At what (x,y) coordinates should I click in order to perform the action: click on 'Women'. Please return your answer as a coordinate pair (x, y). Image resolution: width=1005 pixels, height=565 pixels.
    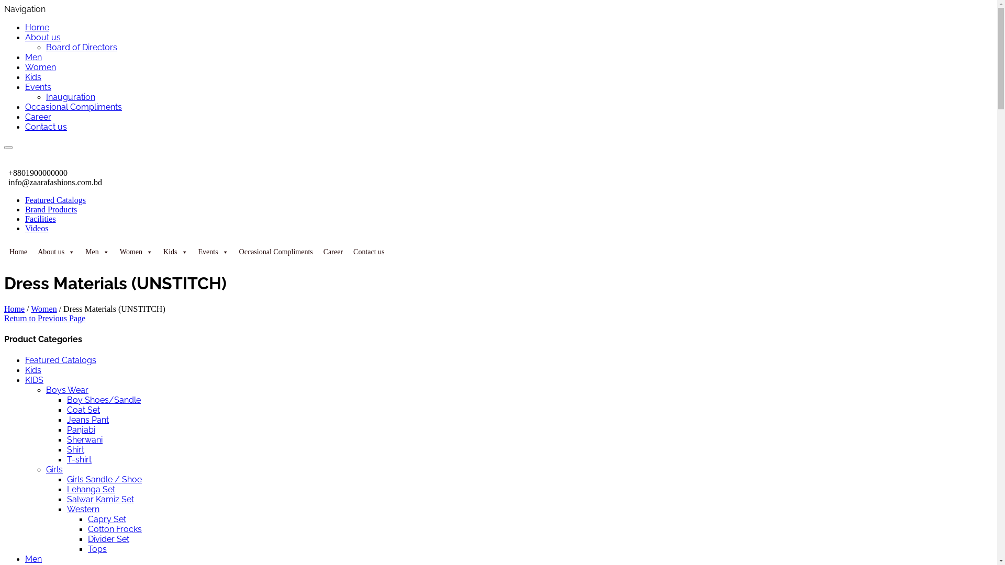
    Looking at the image, I should click on (40, 67).